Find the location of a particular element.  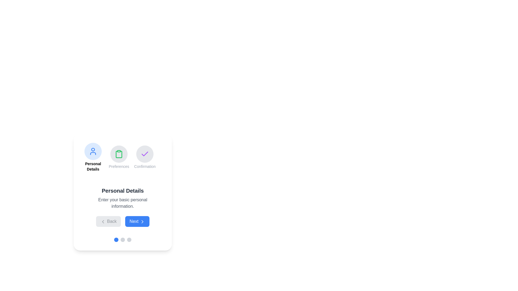

the chevron arrow icon located on the right side of the 'Next' button, which is a blue rounded rectangle containing the text 'Next' is located at coordinates (142, 221).